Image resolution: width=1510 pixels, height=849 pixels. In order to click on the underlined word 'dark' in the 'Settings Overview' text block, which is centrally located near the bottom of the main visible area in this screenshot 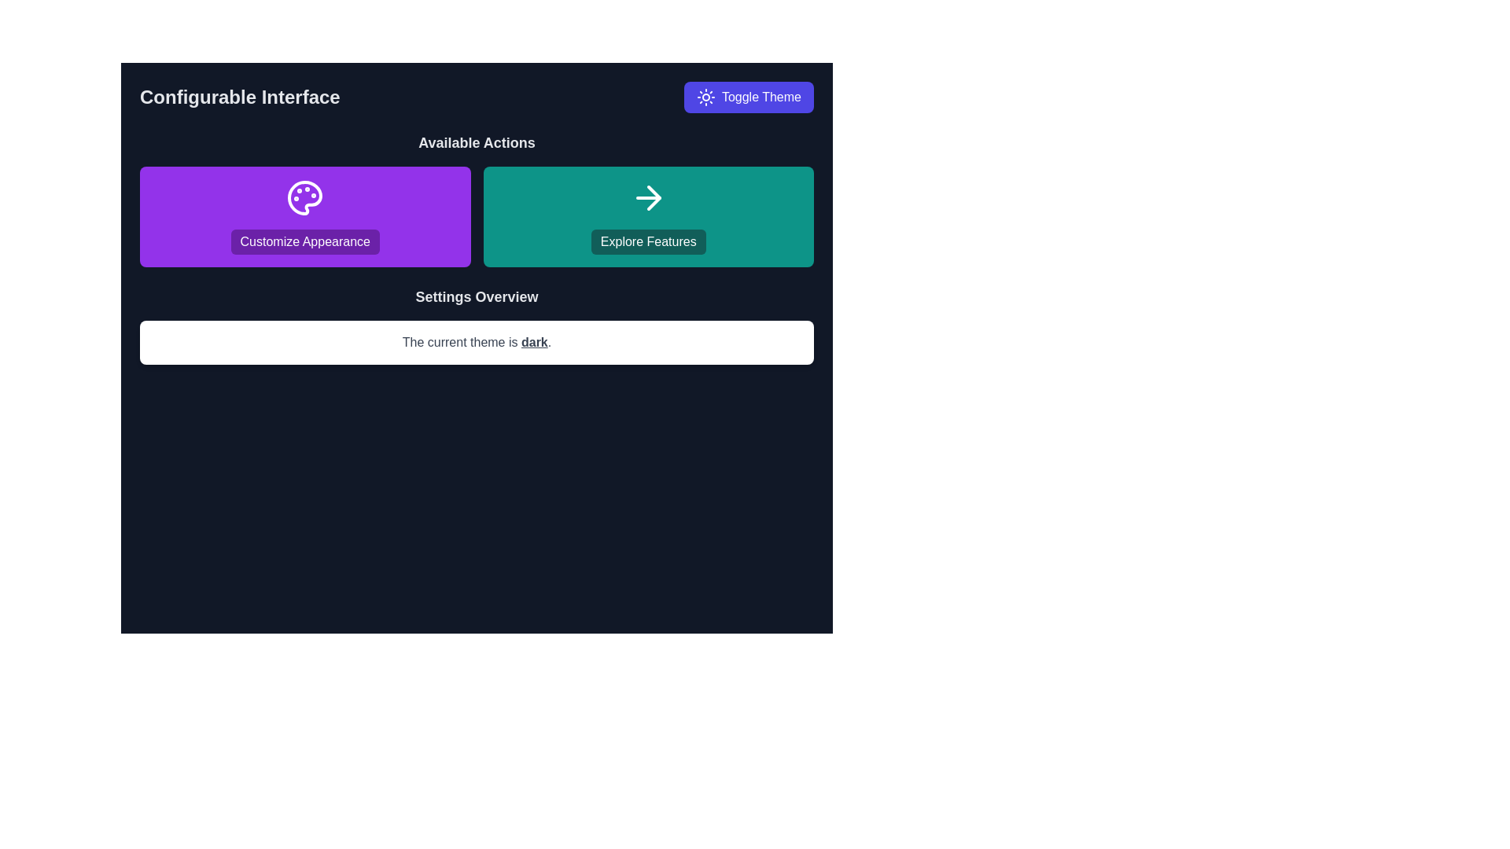, I will do `click(476, 324)`.